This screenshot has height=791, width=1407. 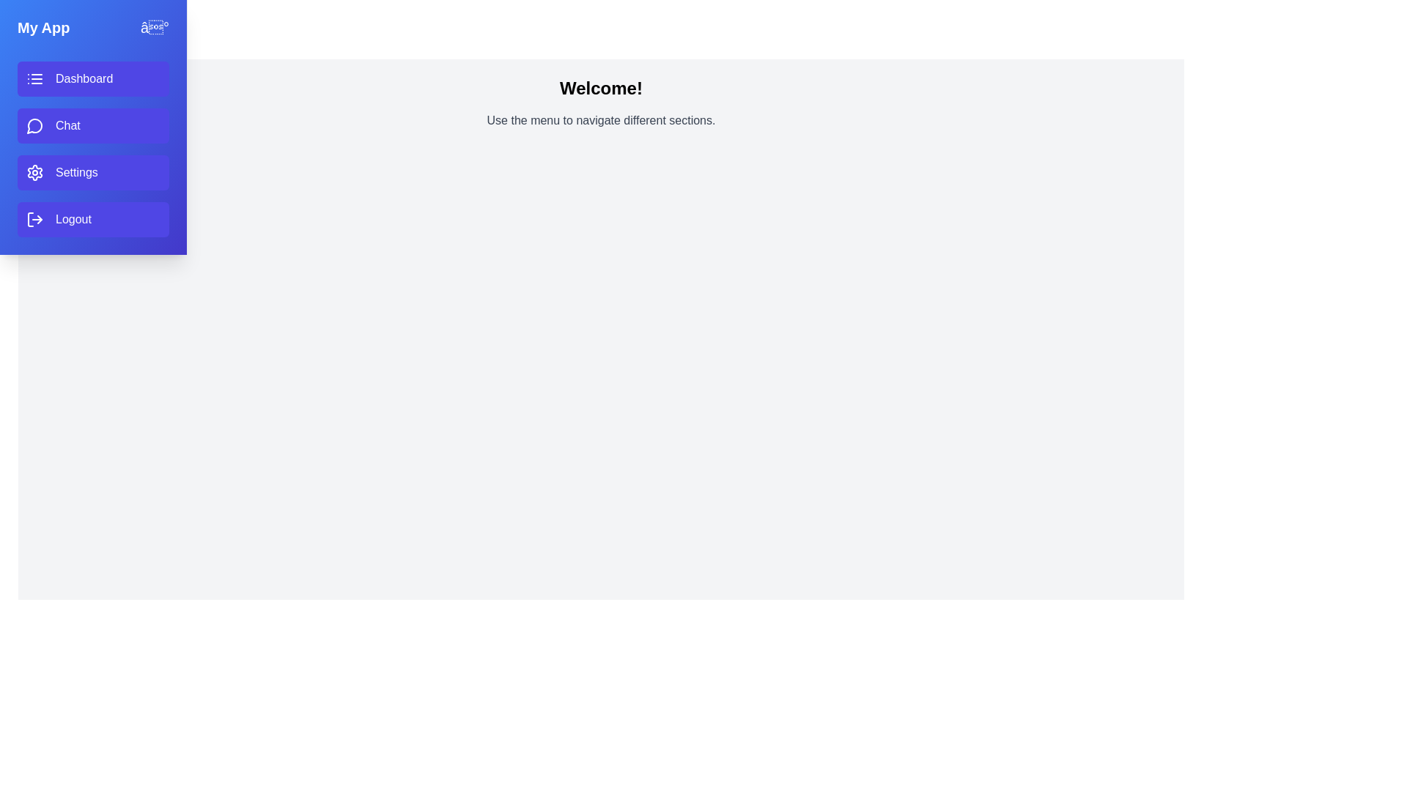 I want to click on the menu item Settings to navigate to the corresponding section, so click(x=92, y=171).